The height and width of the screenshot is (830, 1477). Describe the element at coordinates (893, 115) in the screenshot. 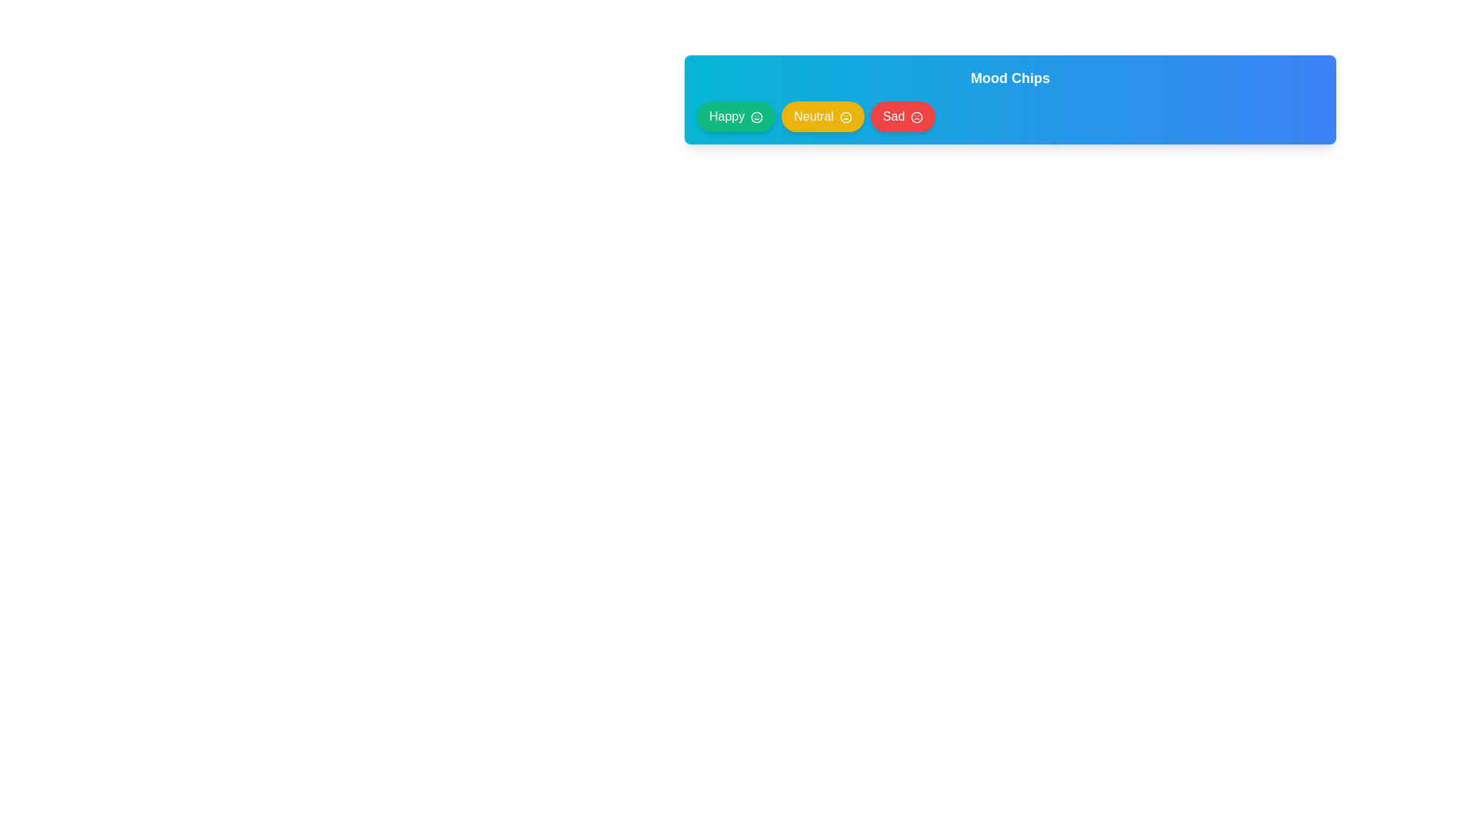

I see `text displayed in the button labeled 'Sad', which is the third button in the 'Mood Chips' group` at that location.